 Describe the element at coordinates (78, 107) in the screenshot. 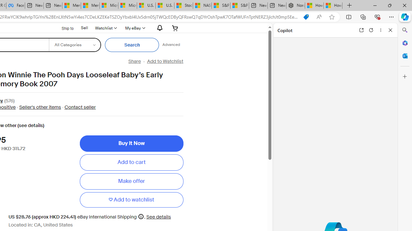

I see `'  Contact seller'` at that location.